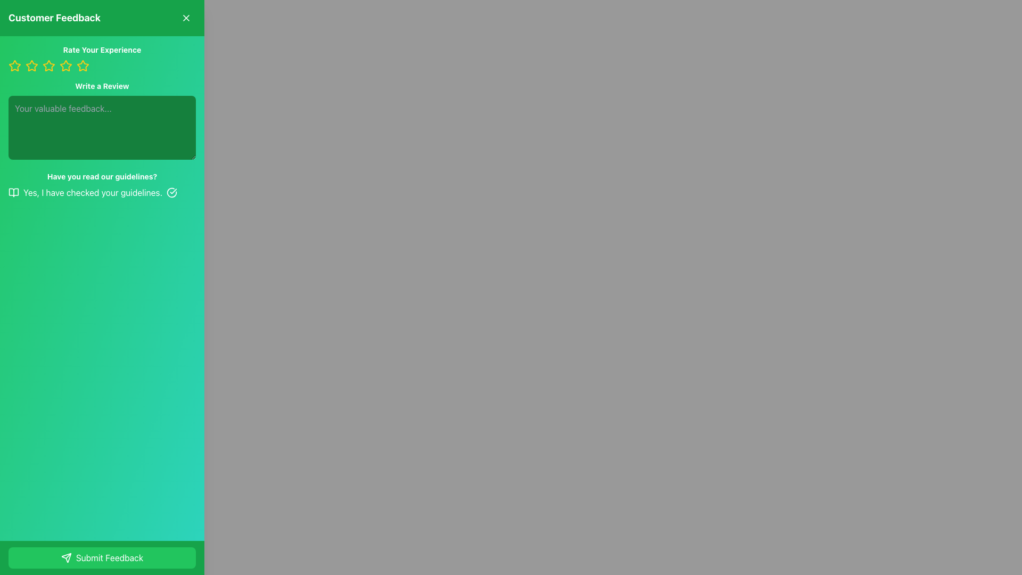  Describe the element at coordinates (31, 65) in the screenshot. I see `the first yellow-bordered star icon under the 'Rate Your Experience' heading` at that location.